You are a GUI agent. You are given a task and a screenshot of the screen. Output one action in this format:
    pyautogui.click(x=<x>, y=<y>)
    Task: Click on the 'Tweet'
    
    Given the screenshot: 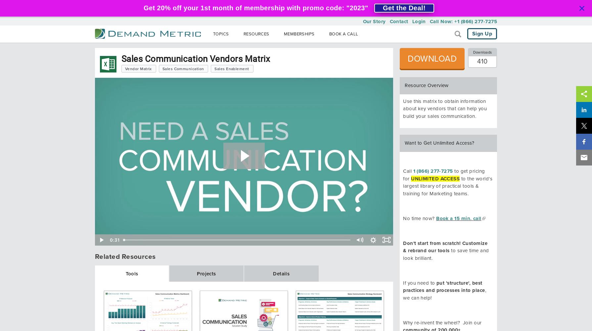 What is the action you would take?
    pyautogui.click(x=577, y=133)
    